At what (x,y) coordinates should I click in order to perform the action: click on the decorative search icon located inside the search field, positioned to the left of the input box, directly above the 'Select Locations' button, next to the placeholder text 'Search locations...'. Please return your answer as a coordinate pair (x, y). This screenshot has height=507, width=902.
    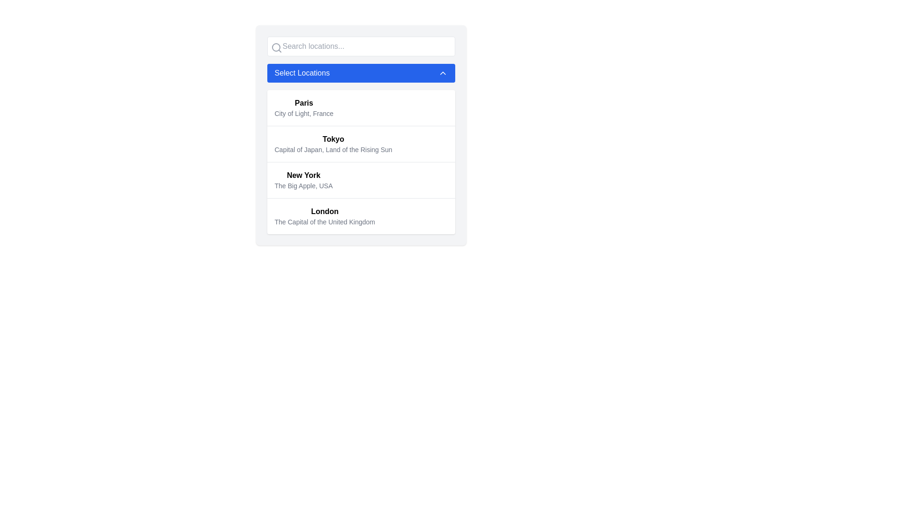
    Looking at the image, I should click on (276, 47).